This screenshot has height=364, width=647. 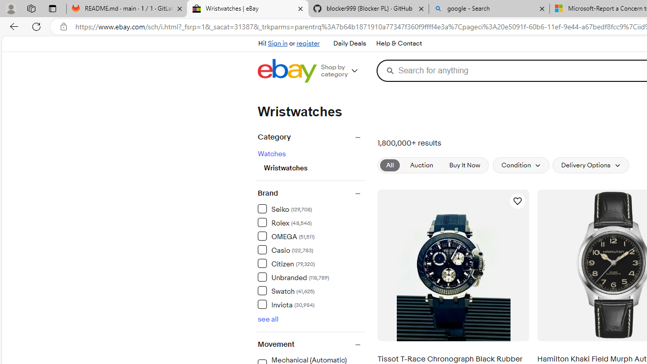 I want to click on 'Auction', so click(x=421, y=165).